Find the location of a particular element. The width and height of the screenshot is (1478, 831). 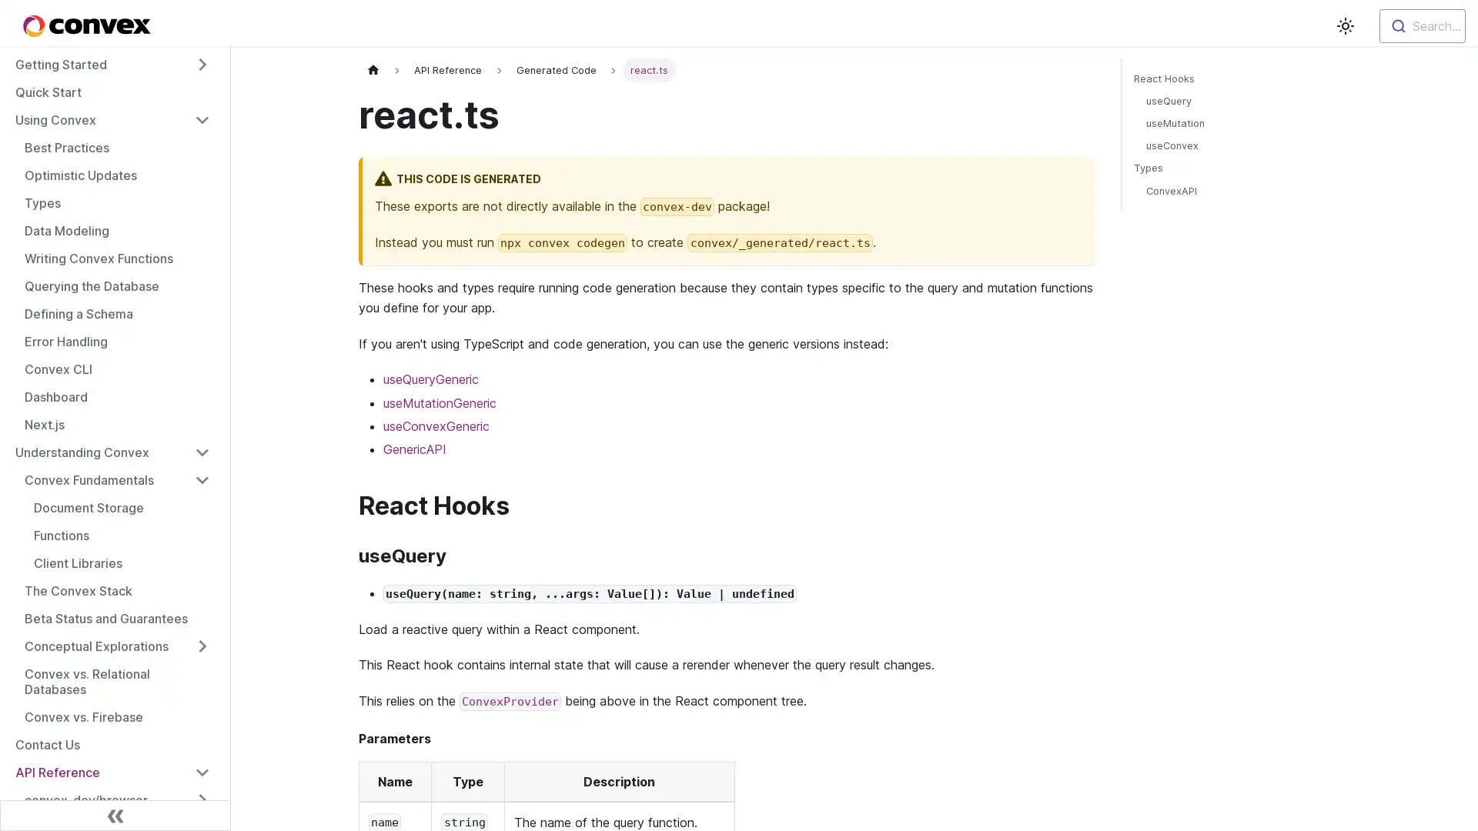

Search... is located at coordinates (1422, 26).